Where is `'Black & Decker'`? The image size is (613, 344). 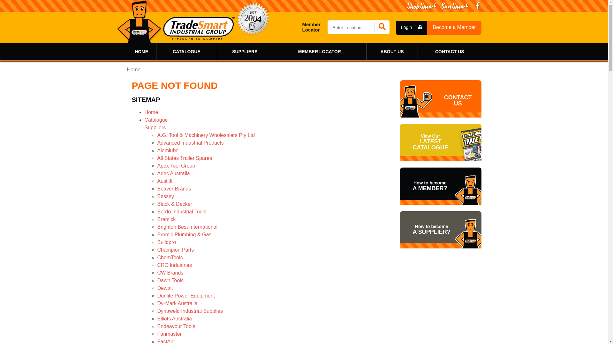
'Black & Decker' is located at coordinates (174, 204).